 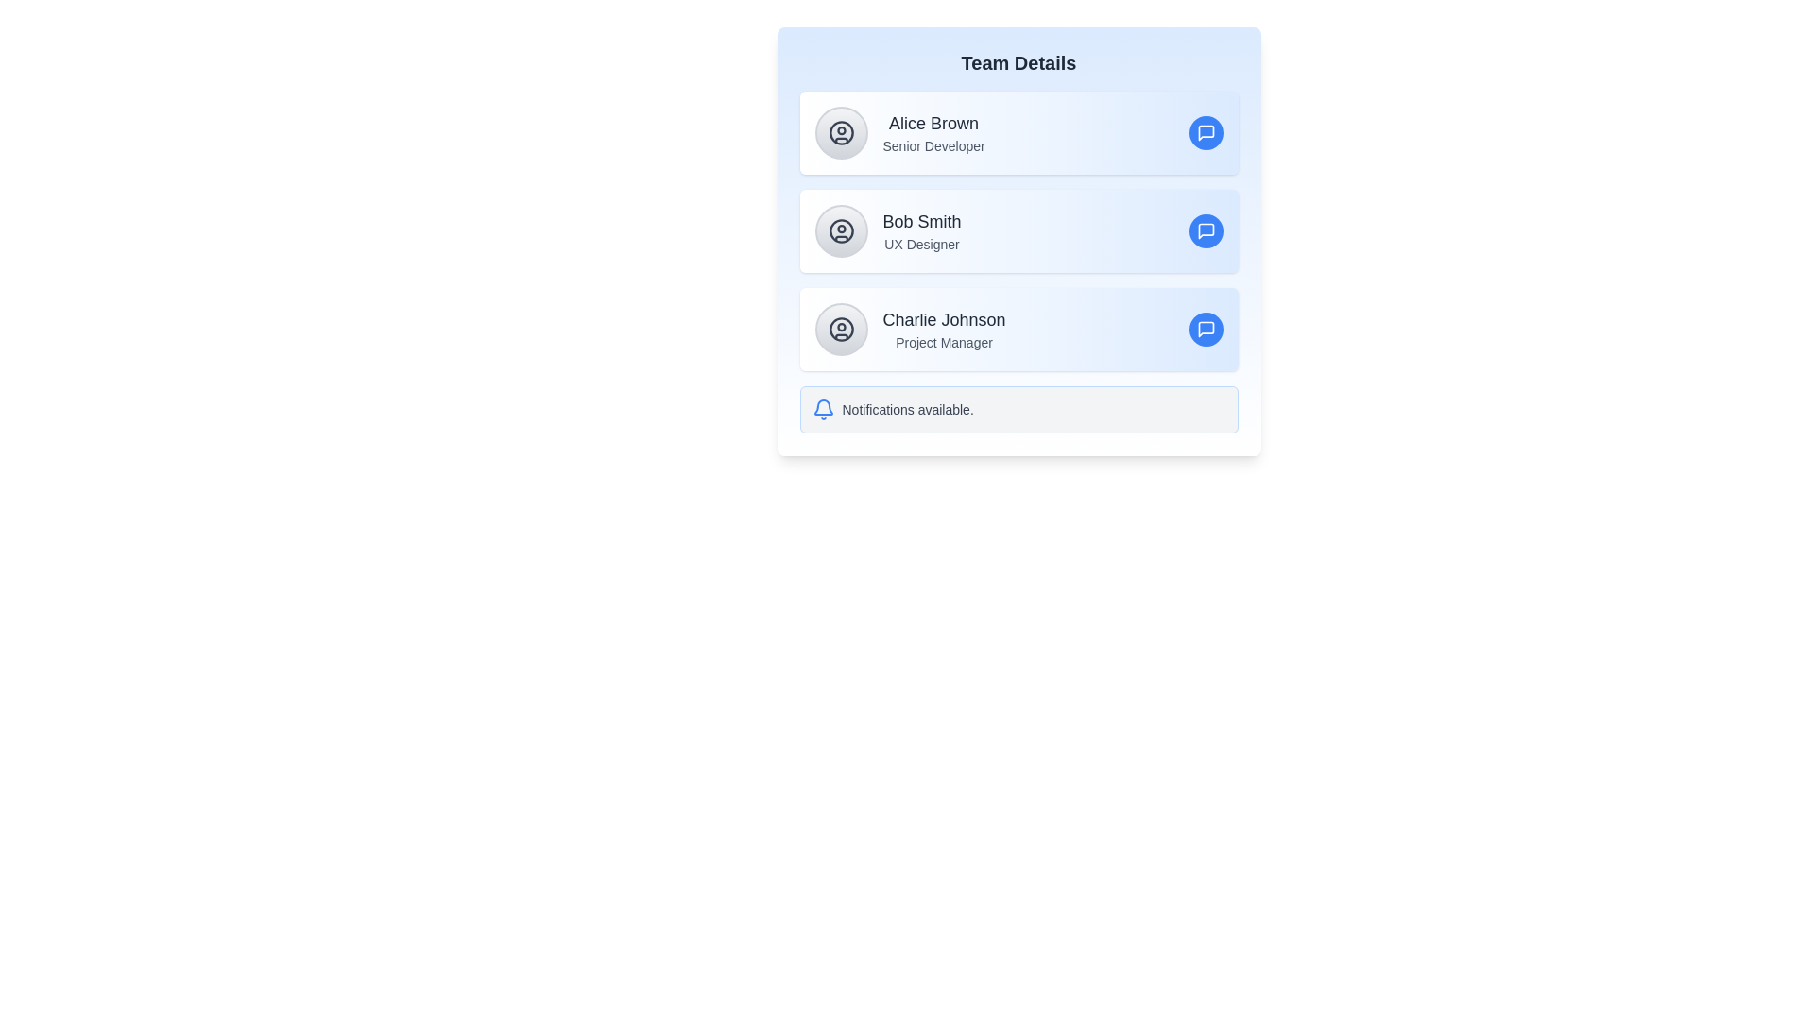 What do you see at coordinates (933, 124) in the screenshot?
I see `text label that specifies the name of a team member in the 'Team Details' section, located at the top of the vertical list` at bounding box center [933, 124].